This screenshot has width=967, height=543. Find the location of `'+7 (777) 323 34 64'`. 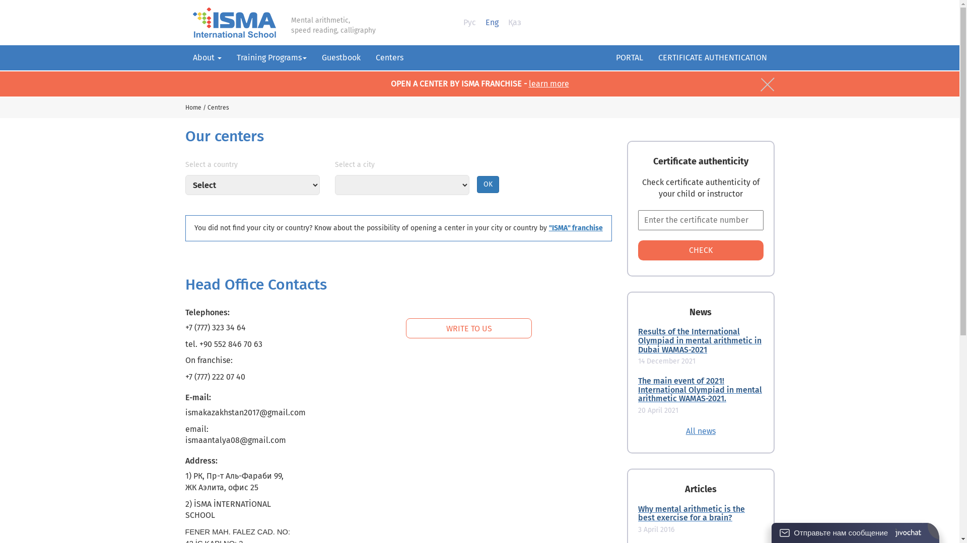

'+7 (777) 323 34 64' is located at coordinates (215, 327).